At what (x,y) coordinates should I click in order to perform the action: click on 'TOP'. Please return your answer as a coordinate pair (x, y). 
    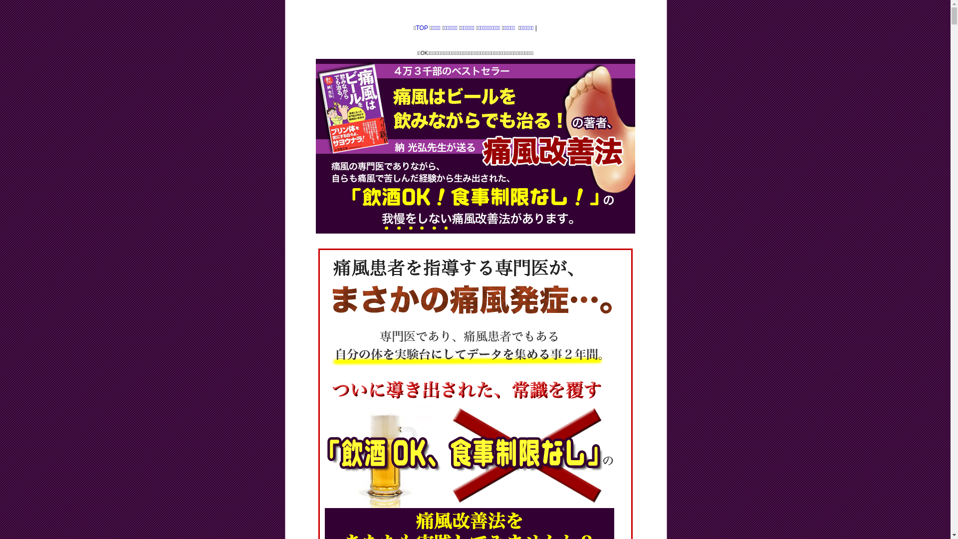
    Looking at the image, I should click on (421, 27).